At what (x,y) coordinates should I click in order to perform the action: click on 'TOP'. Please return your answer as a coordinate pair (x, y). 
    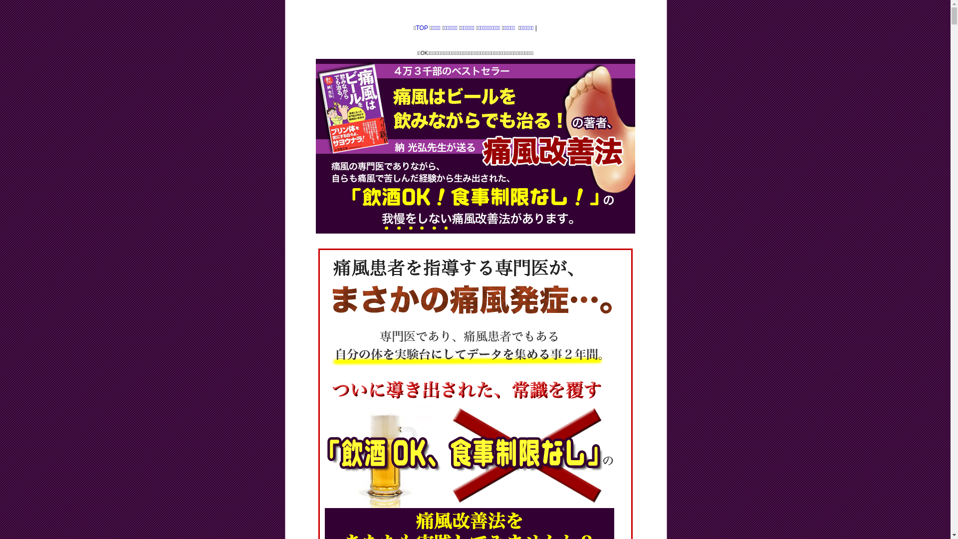
    Looking at the image, I should click on (421, 27).